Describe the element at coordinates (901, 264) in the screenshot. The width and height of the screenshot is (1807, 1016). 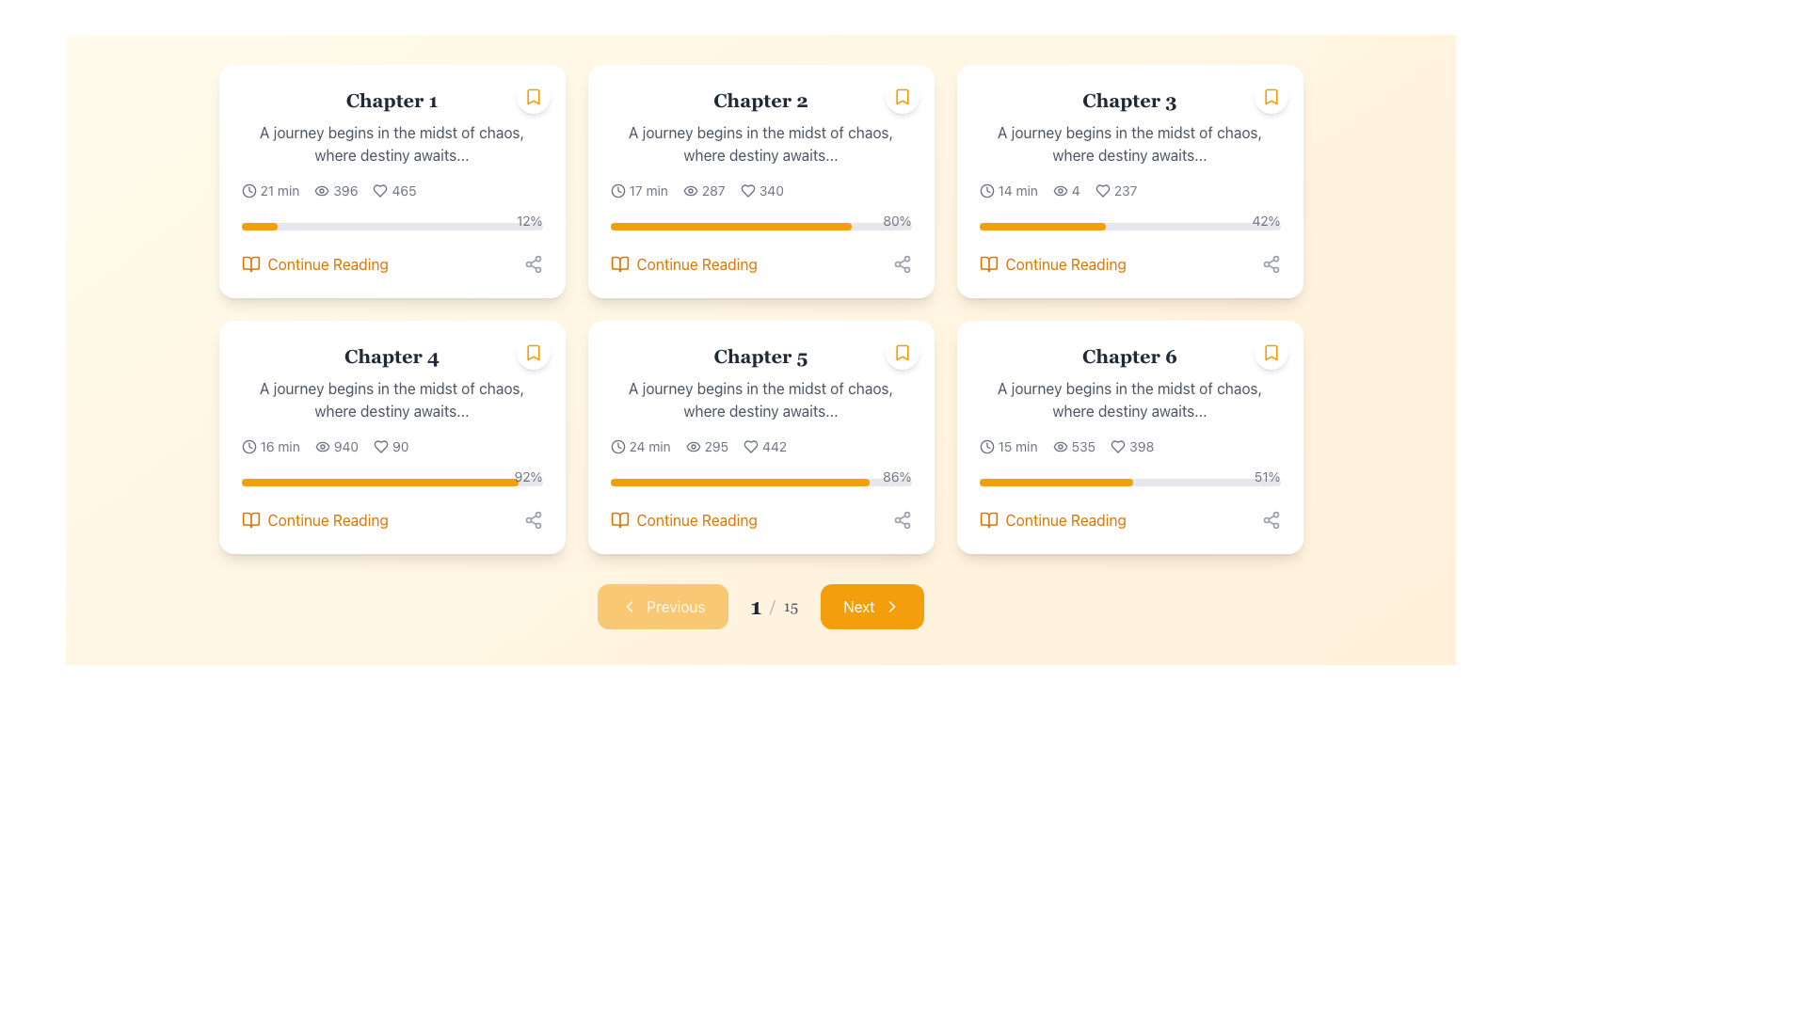
I see `the interactive share icon located in the bottom-right corner of the 'Chapter 2' card, adjacent to the 'Continue Reading' text link` at that location.